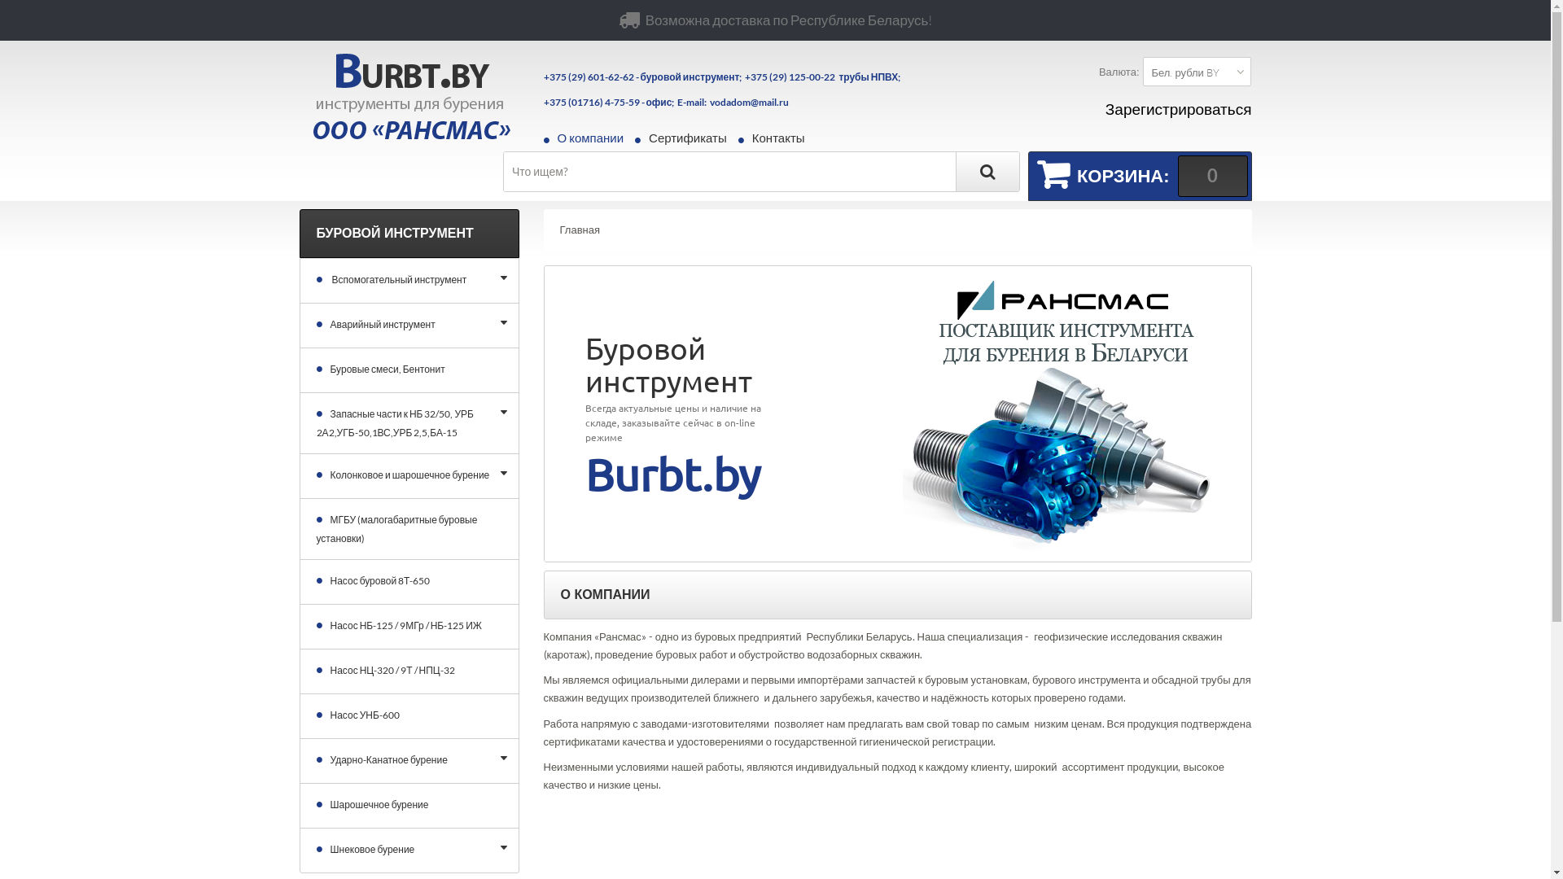  What do you see at coordinates (1211, 175) in the screenshot?
I see `'0'` at bounding box center [1211, 175].